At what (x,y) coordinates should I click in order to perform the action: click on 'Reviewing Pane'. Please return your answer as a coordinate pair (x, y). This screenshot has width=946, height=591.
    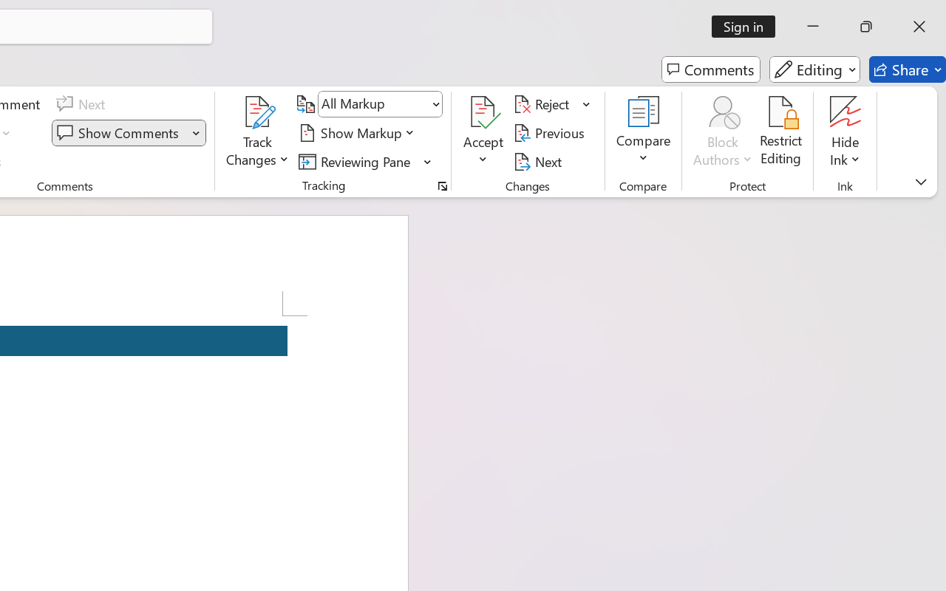
    Looking at the image, I should click on (365, 161).